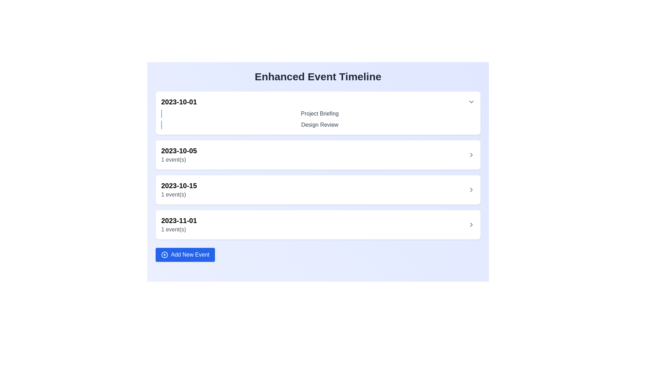 Image resolution: width=670 pixels, height=377 pixels. Describe the element at coordinates (179, 221) in the screenshot. I see `the date text '2023-11-01' displayed in bold within the event list` at that location.